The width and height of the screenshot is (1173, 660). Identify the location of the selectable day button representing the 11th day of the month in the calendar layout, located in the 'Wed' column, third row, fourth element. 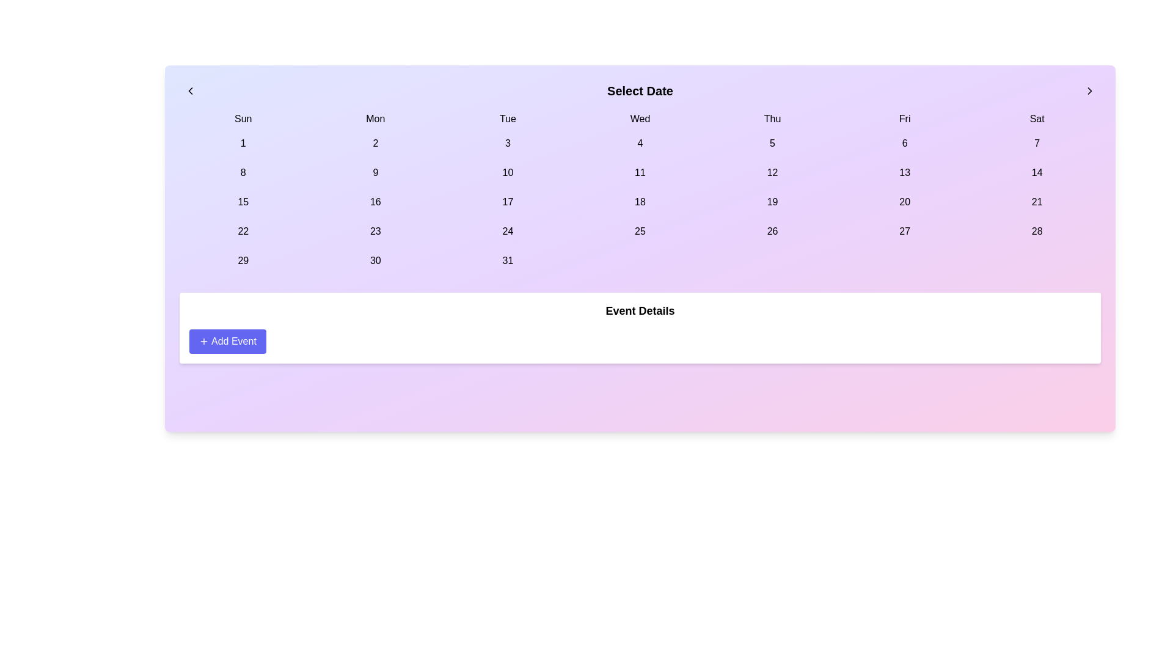
(639, 172).